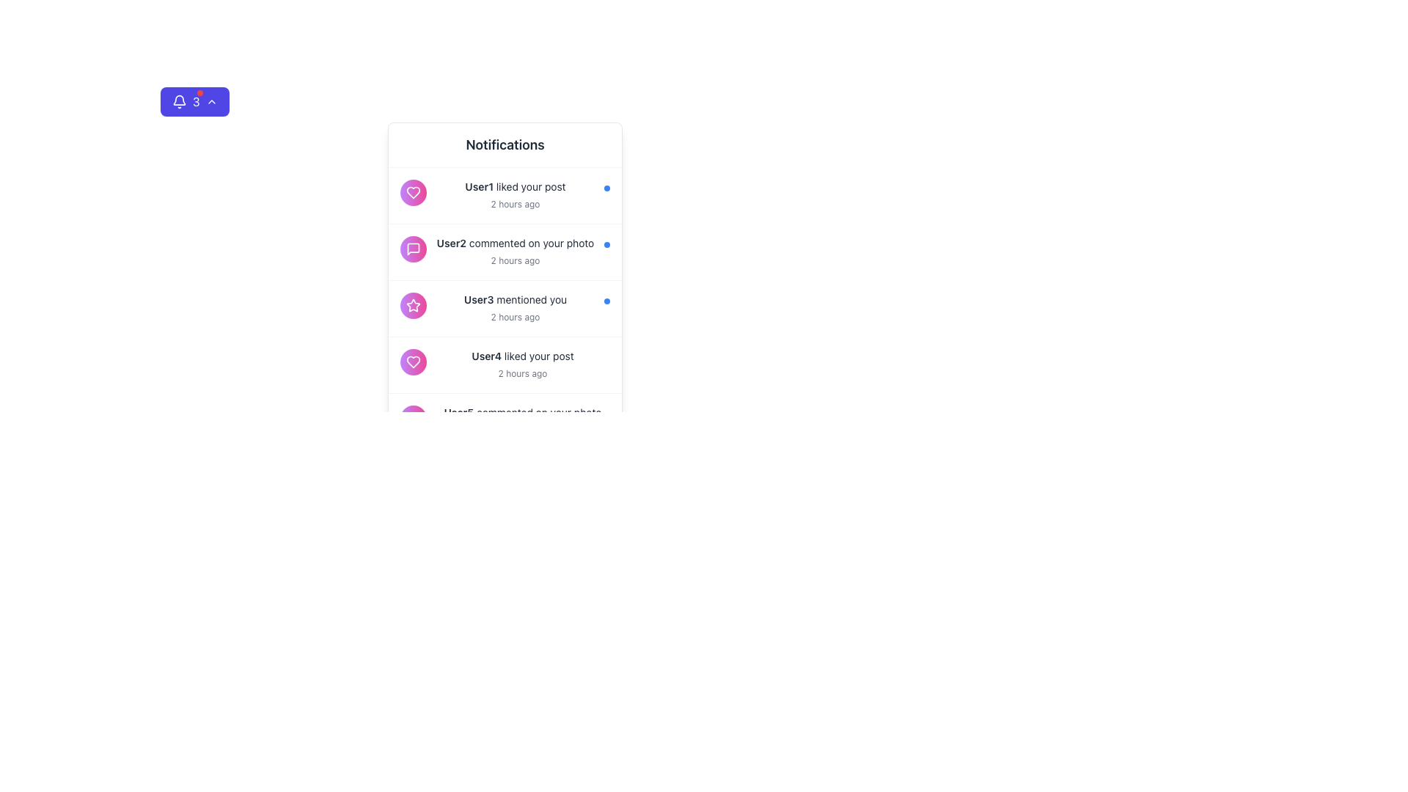  Describe the element at coordinates (486, 356) in the screenshot. I see `the text element that identifies 'User4' in the fourth notification listing under the 'Notifications' section` at that location.